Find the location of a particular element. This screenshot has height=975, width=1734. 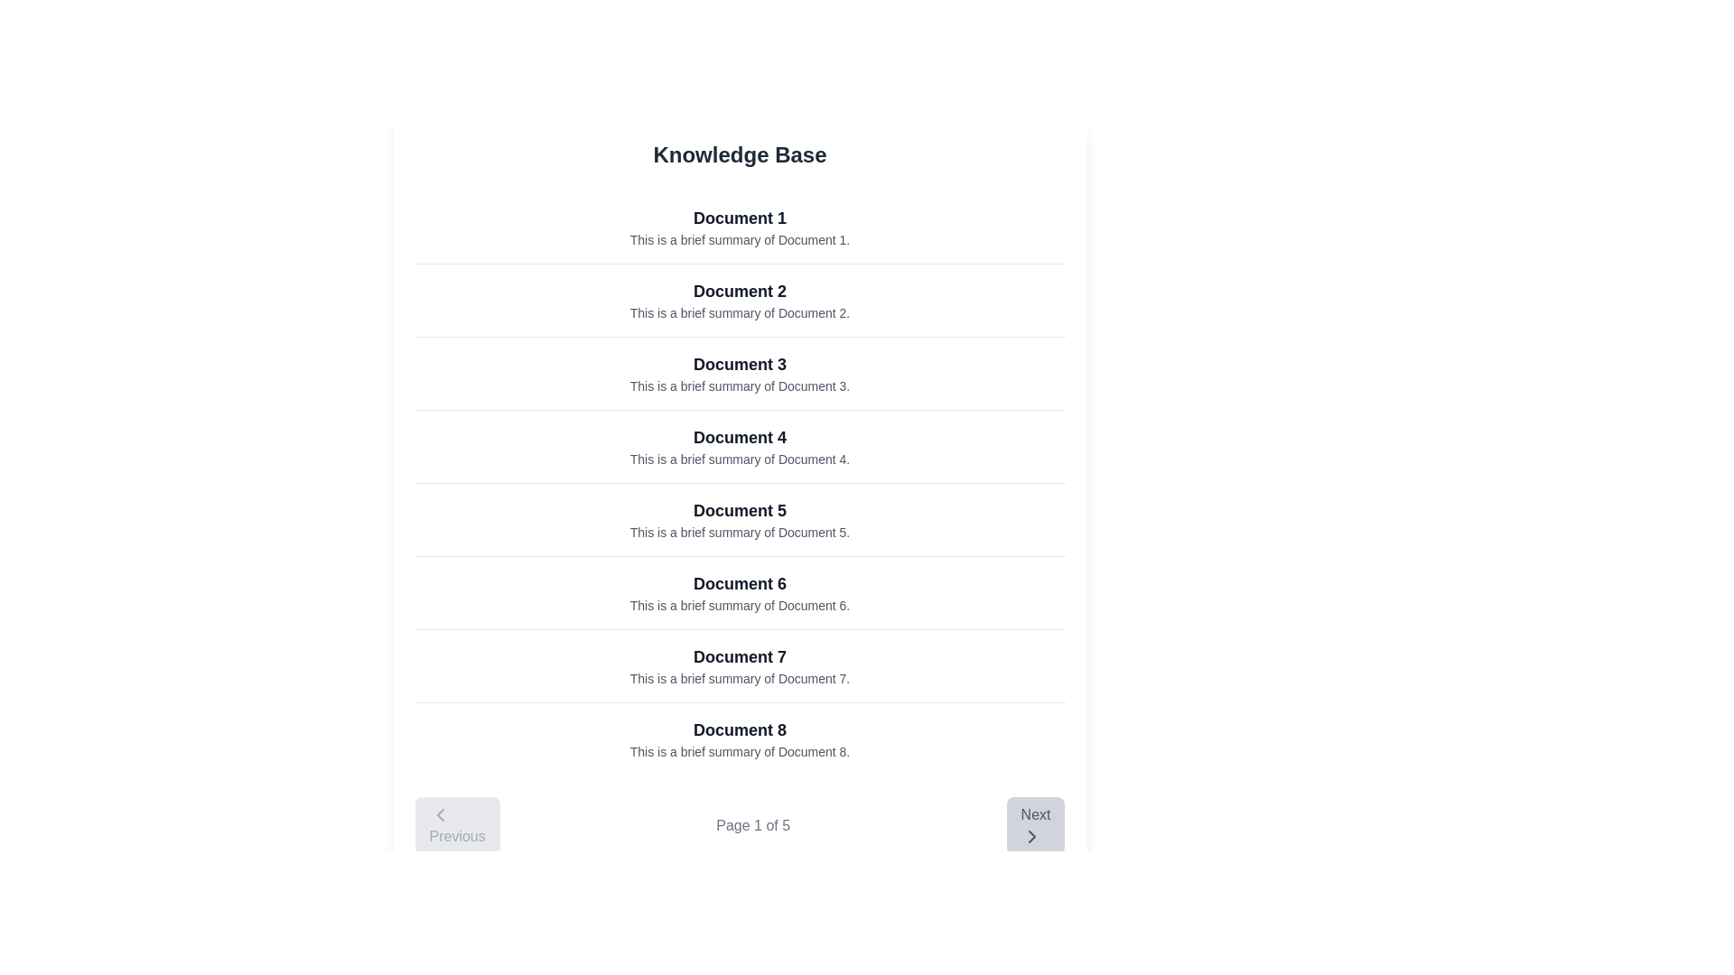

the third entry in the document list titled 'Document 3' is located at coordinates (740, 372).